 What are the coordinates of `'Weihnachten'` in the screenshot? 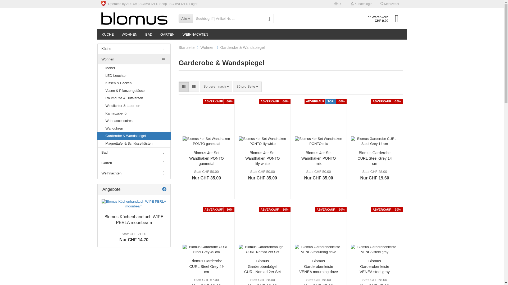 It's located at (134, 173).